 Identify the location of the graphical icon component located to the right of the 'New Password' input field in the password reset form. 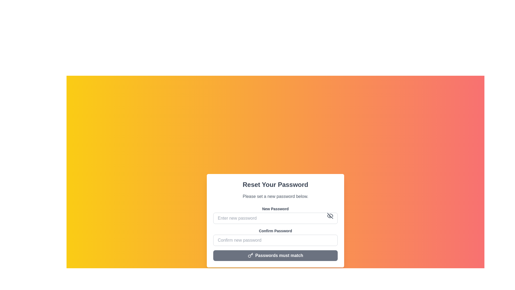
(330, 215).